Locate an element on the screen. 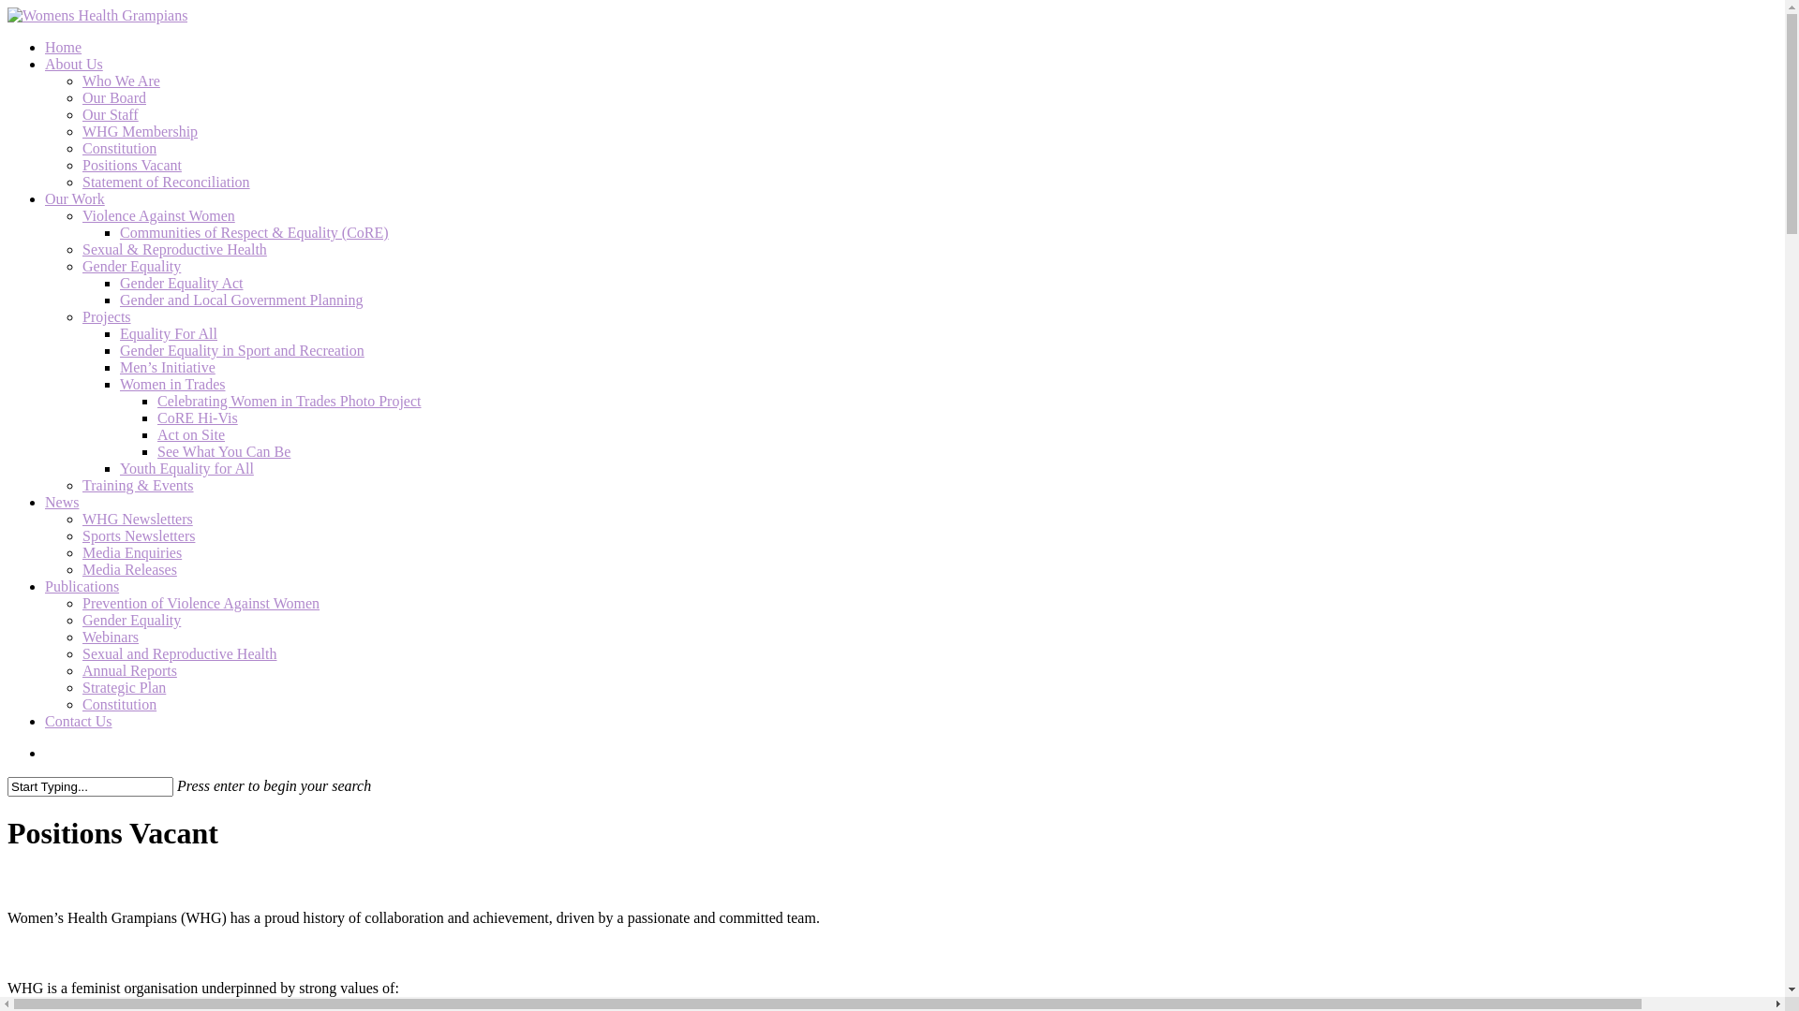 This screenshot has width=1799, height=1011. 'Positions Vacant' is located at coordinates (130, 164).